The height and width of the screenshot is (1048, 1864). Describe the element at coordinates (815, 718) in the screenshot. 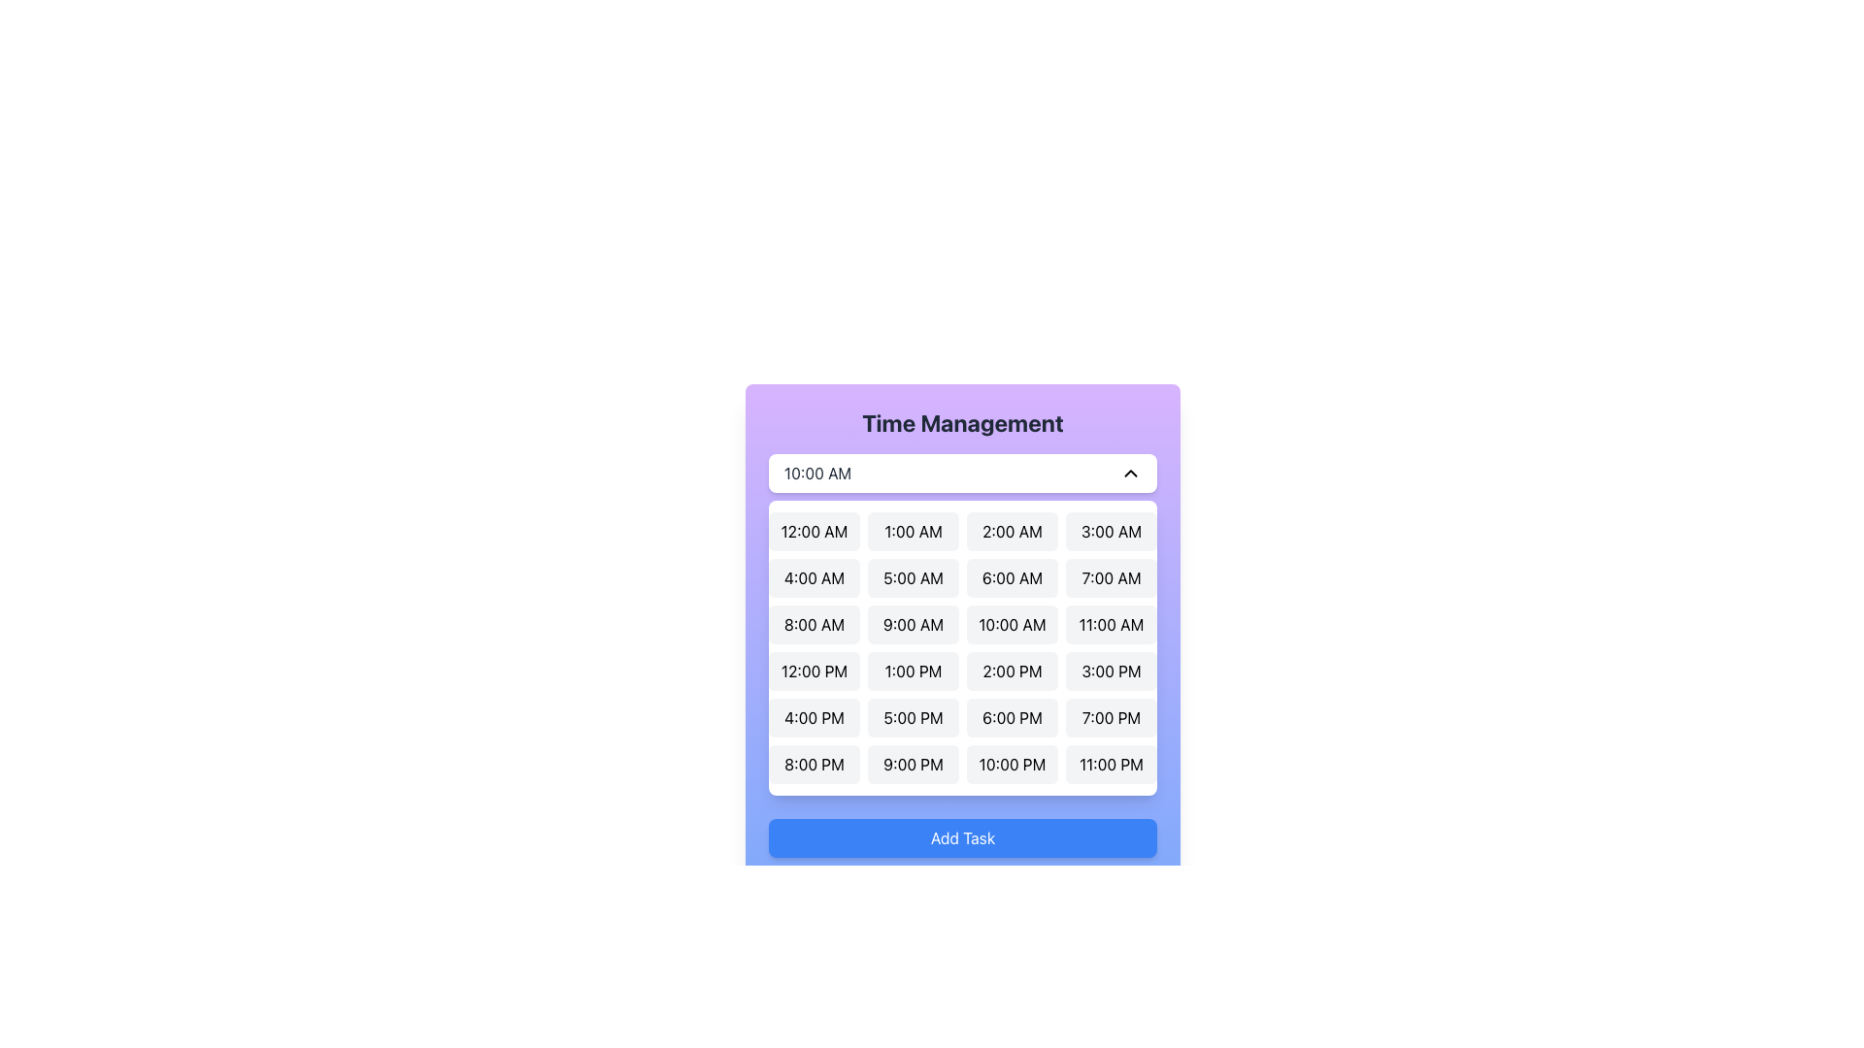

I see `the rectangular button with the text '4:00 PM' in black font, which is located in the fifth row and first column of a 4-column grid` at that location.